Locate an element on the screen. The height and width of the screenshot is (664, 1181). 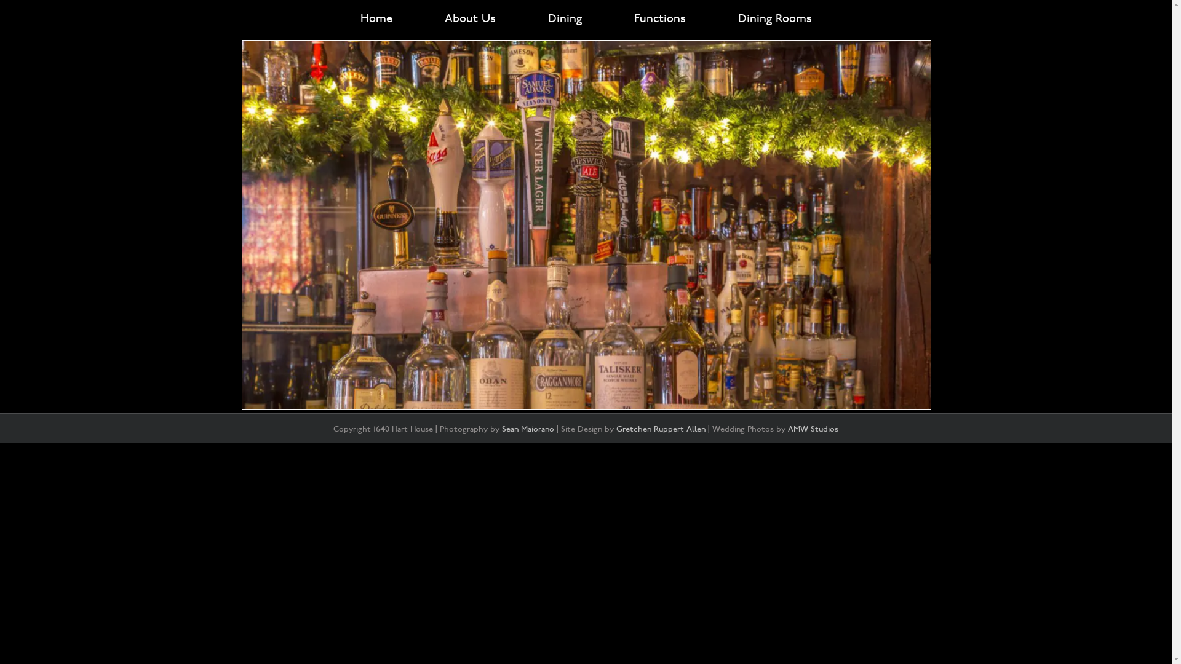
'Dining Rooms' is located at coordinates (774, 18).